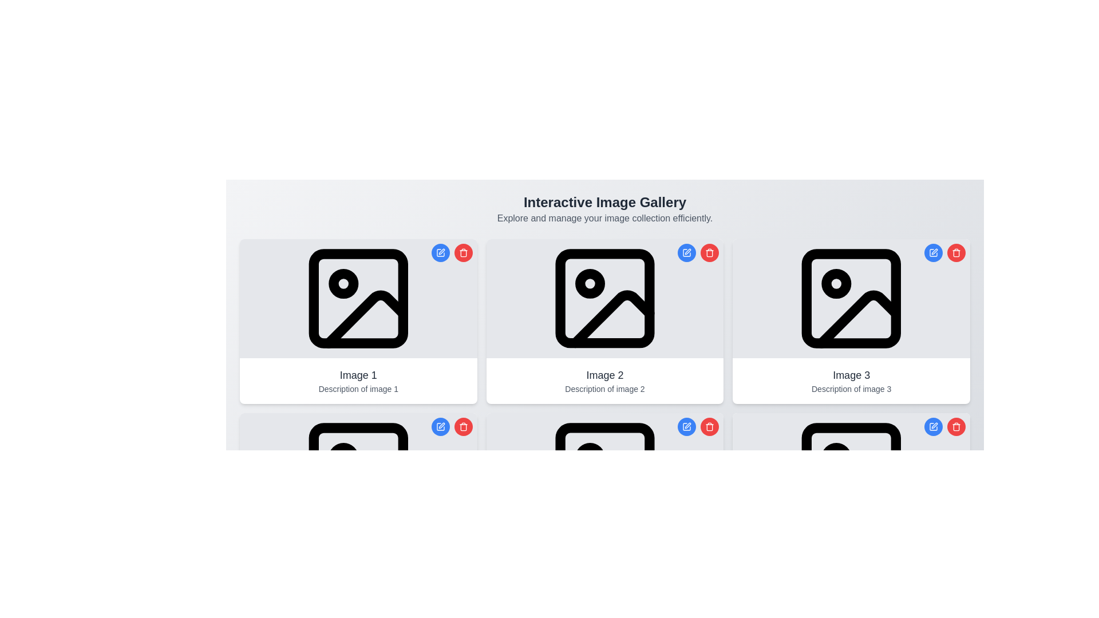 The image size is (1099, 618). Describe the element at coordinates (358, 381) in the screenshot. I see `the Label/Text Block that displays the bold title 'Image 1' and the description 'Description of image 1', which is centrally aligned within the lower section of the leftmost box` at that location.